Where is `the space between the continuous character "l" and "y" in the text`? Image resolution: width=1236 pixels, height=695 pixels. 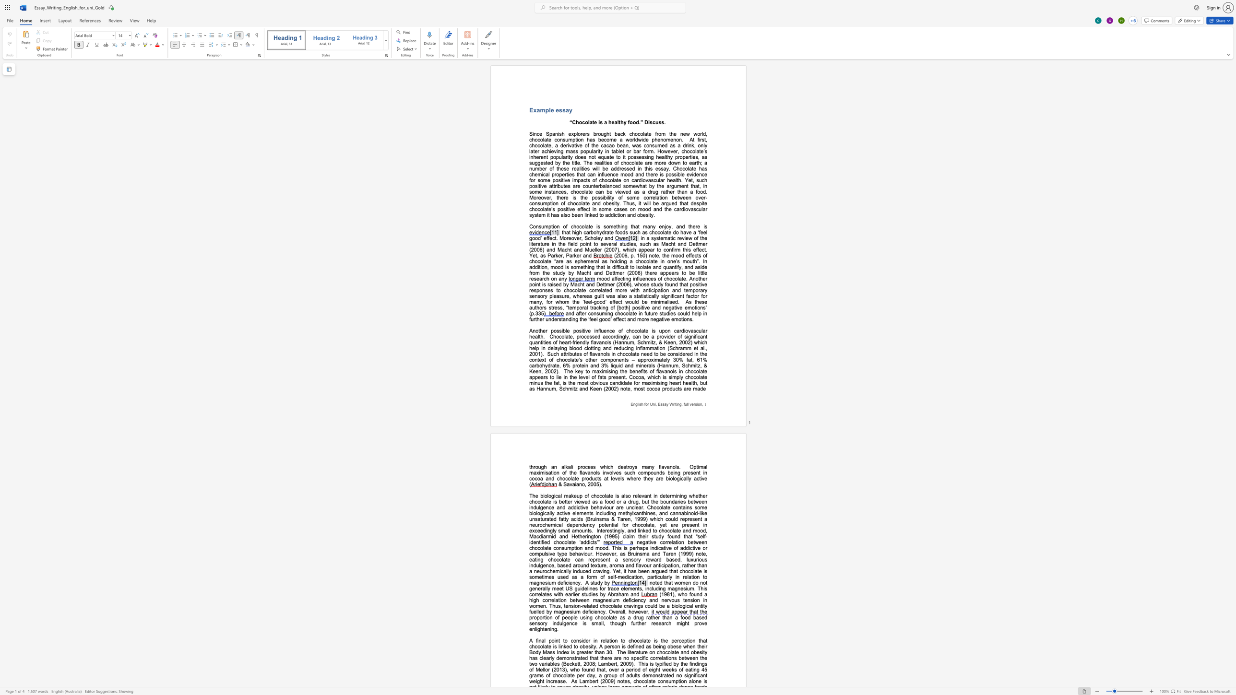
the space between the continuous character "l" and "y" in the text is located at coordinates (704, 145).